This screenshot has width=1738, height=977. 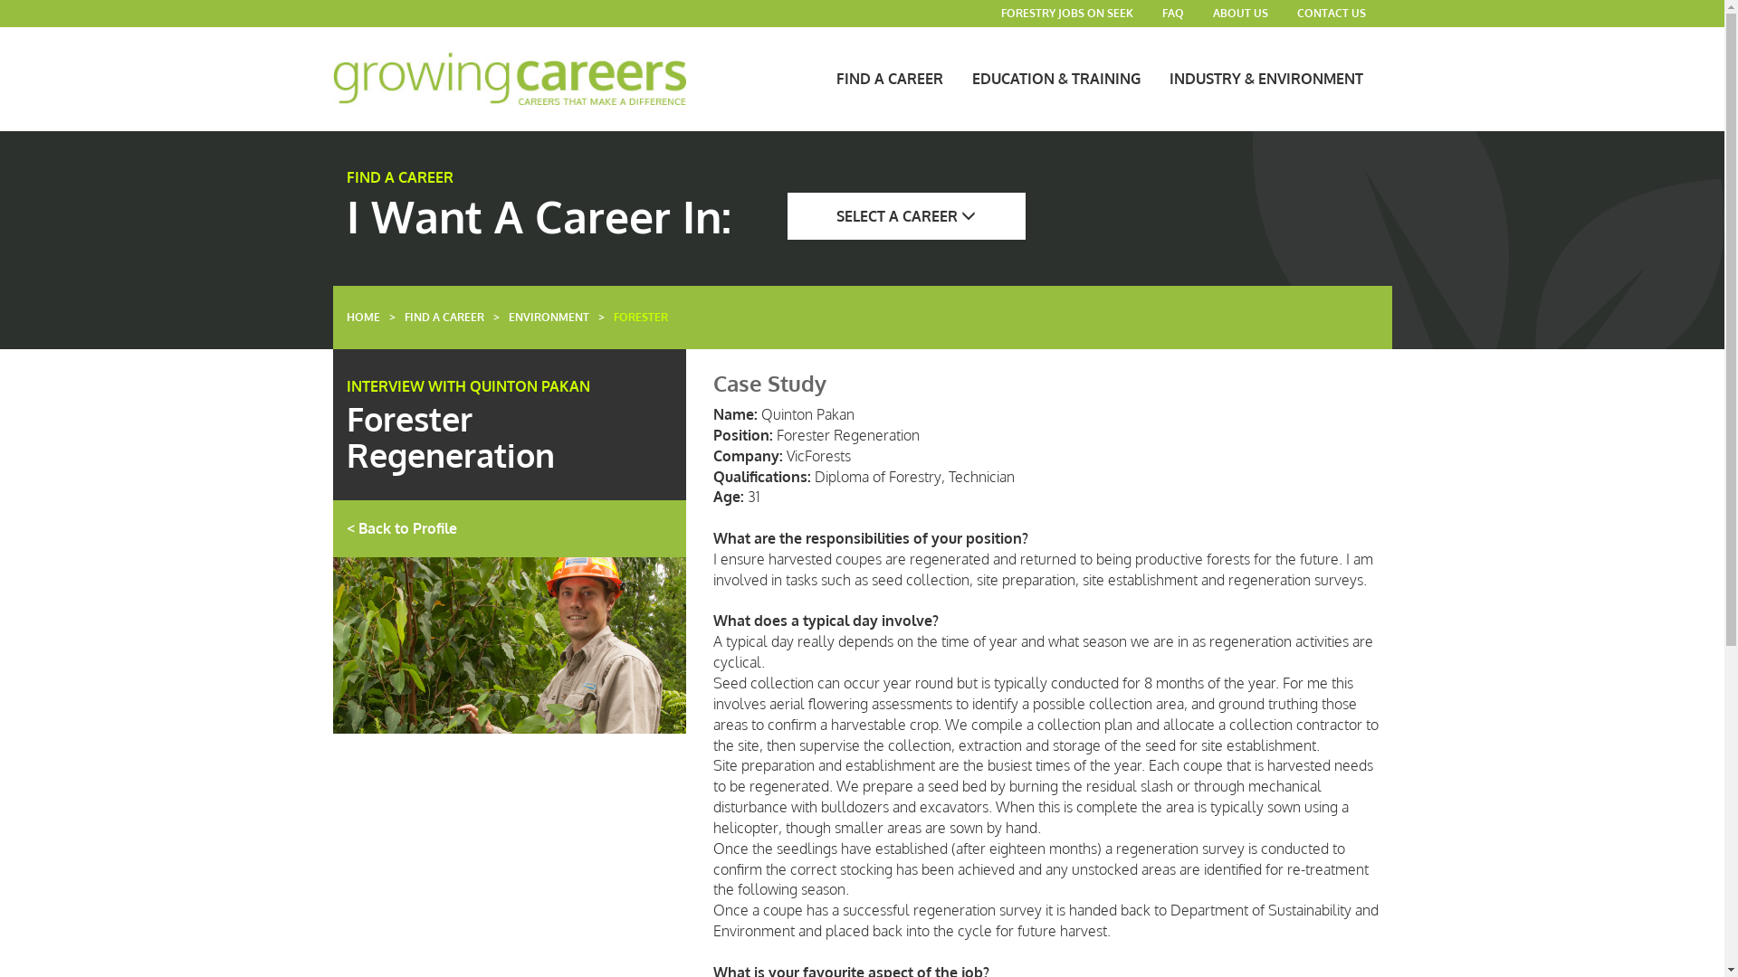 What do you see at coordinates (1239, 13) in the screenshot?
I see `'ABOUT US'` at bounding box center [1239, 13].